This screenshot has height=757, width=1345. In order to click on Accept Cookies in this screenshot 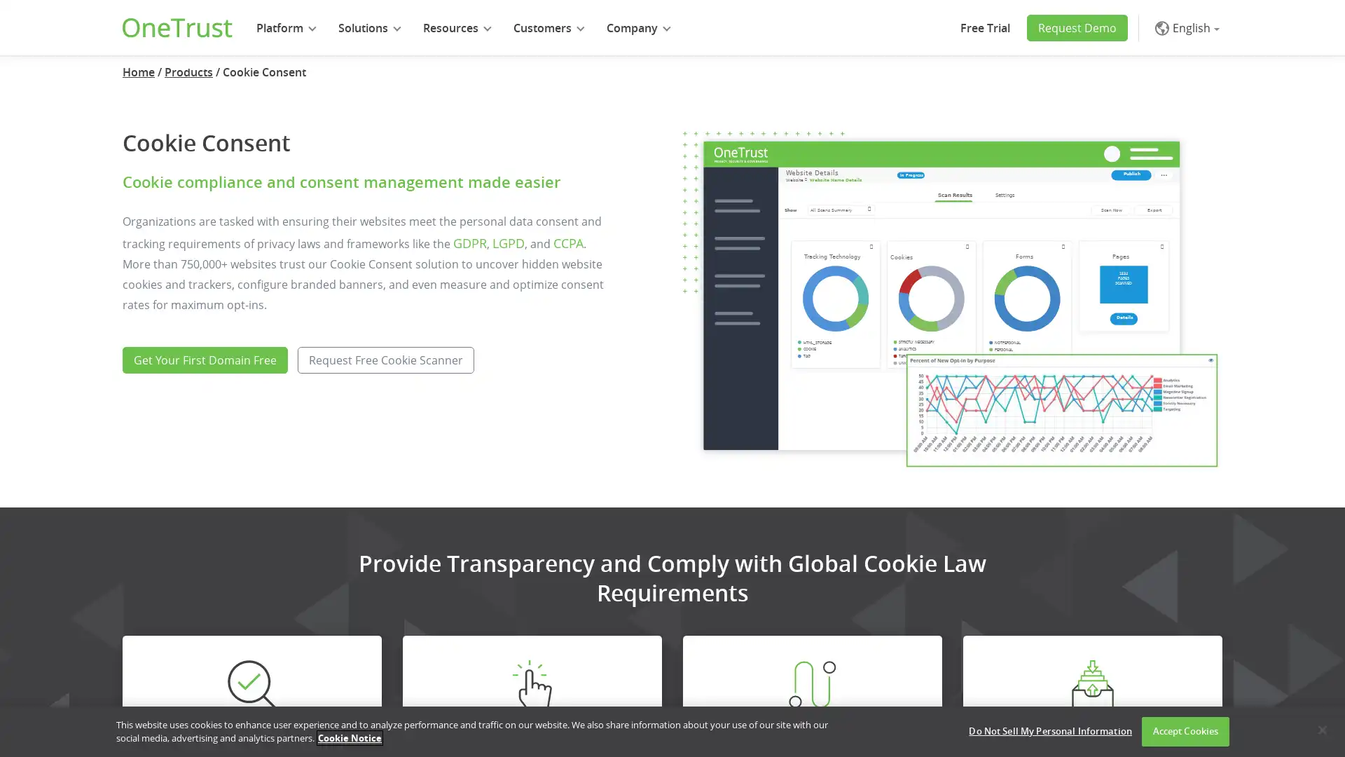, I will do `click(1185, 731)`.